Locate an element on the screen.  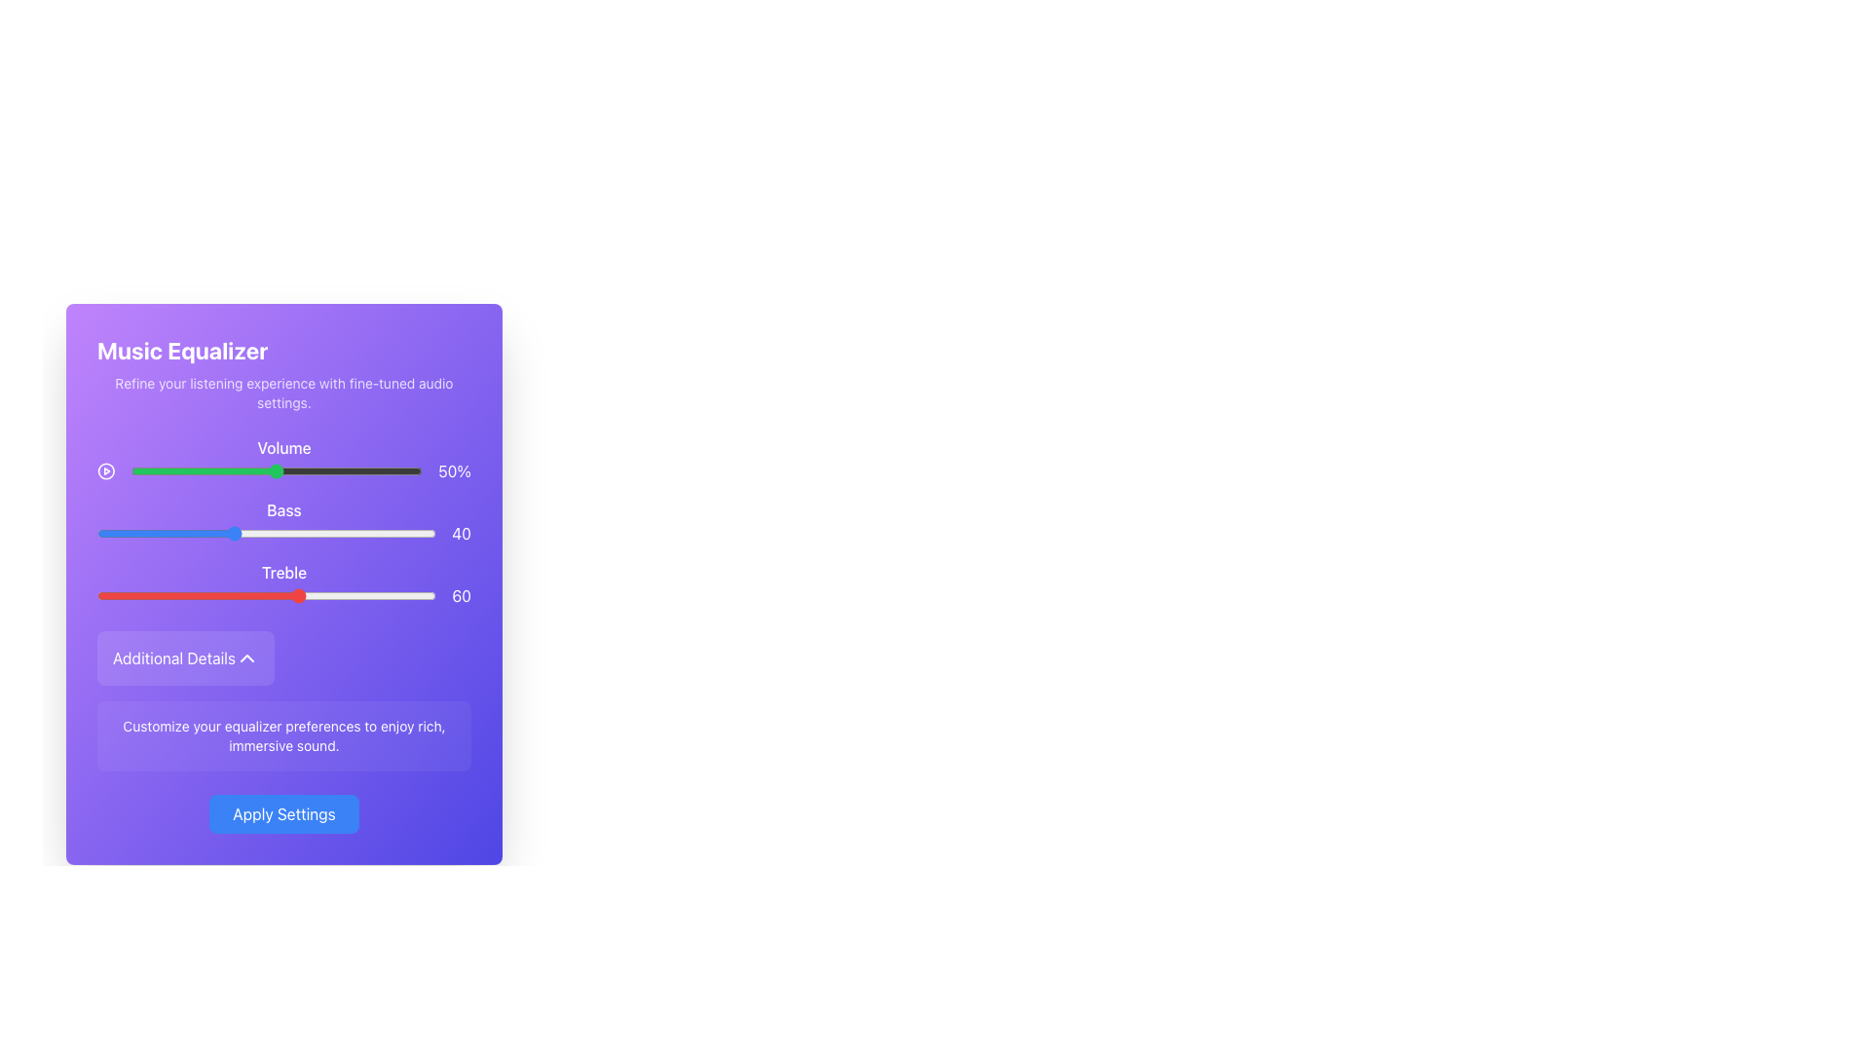
Bass level is located at coordinates (418, 533).